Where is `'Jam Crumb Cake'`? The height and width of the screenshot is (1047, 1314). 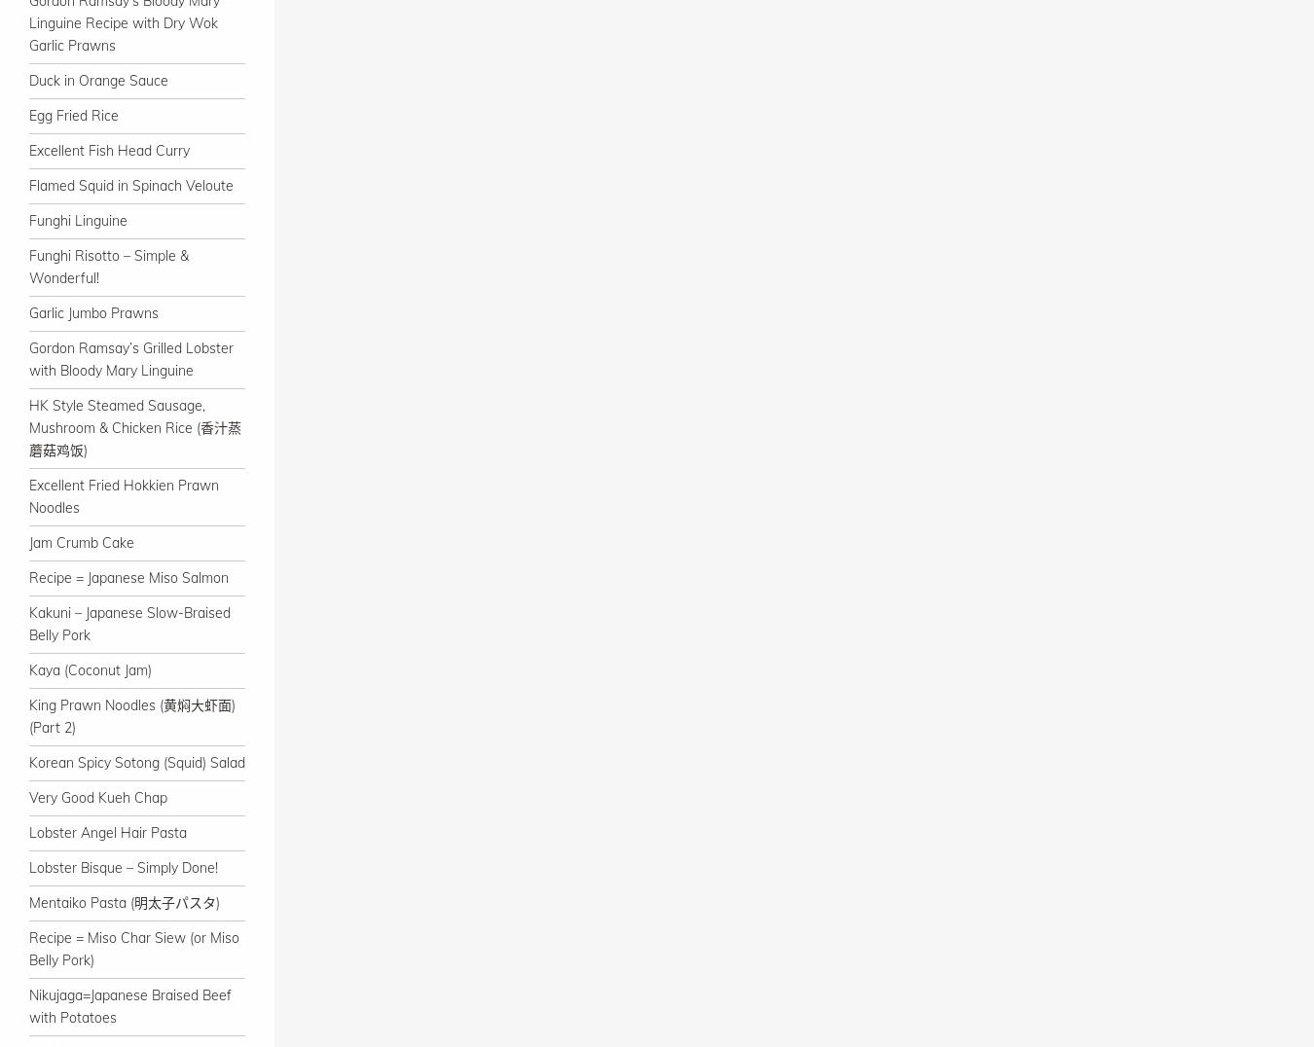 'Jam Crumb Cake' is located at coordinates (80, 542).